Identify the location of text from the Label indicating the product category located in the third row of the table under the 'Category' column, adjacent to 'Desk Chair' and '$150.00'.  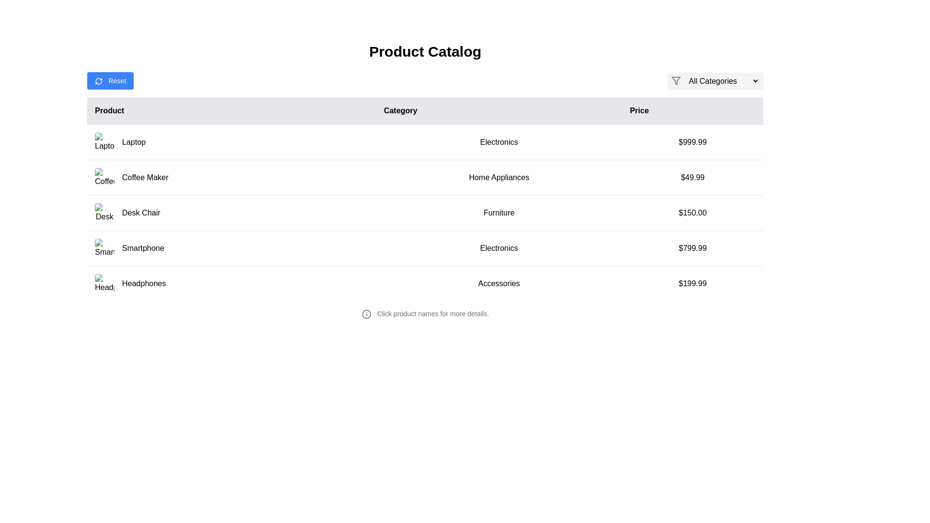
(499, 212).